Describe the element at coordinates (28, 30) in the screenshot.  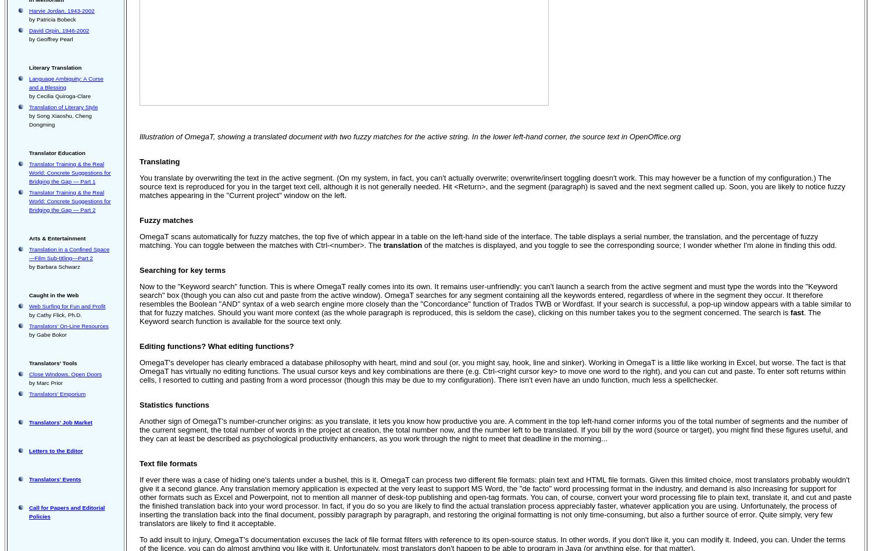
I see `'David Orpin, 1946-2002'` at that location.